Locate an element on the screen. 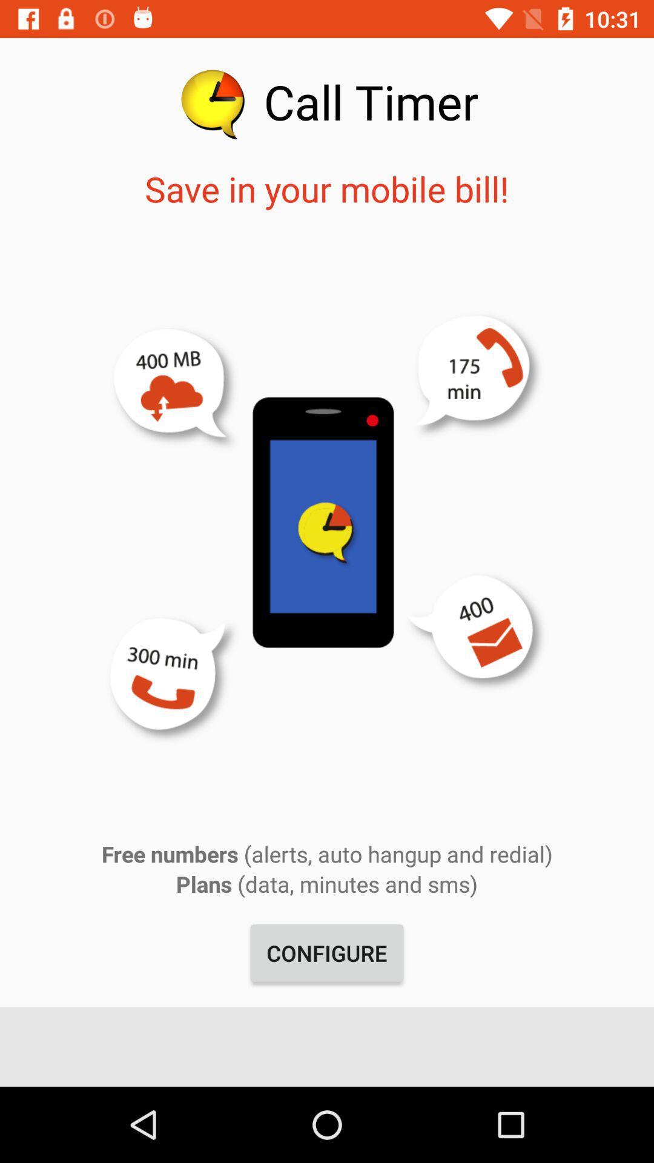 The width and height of the screenshot is (654, 1163). item below the plans data minutes app is located at coordinates (327, 952).